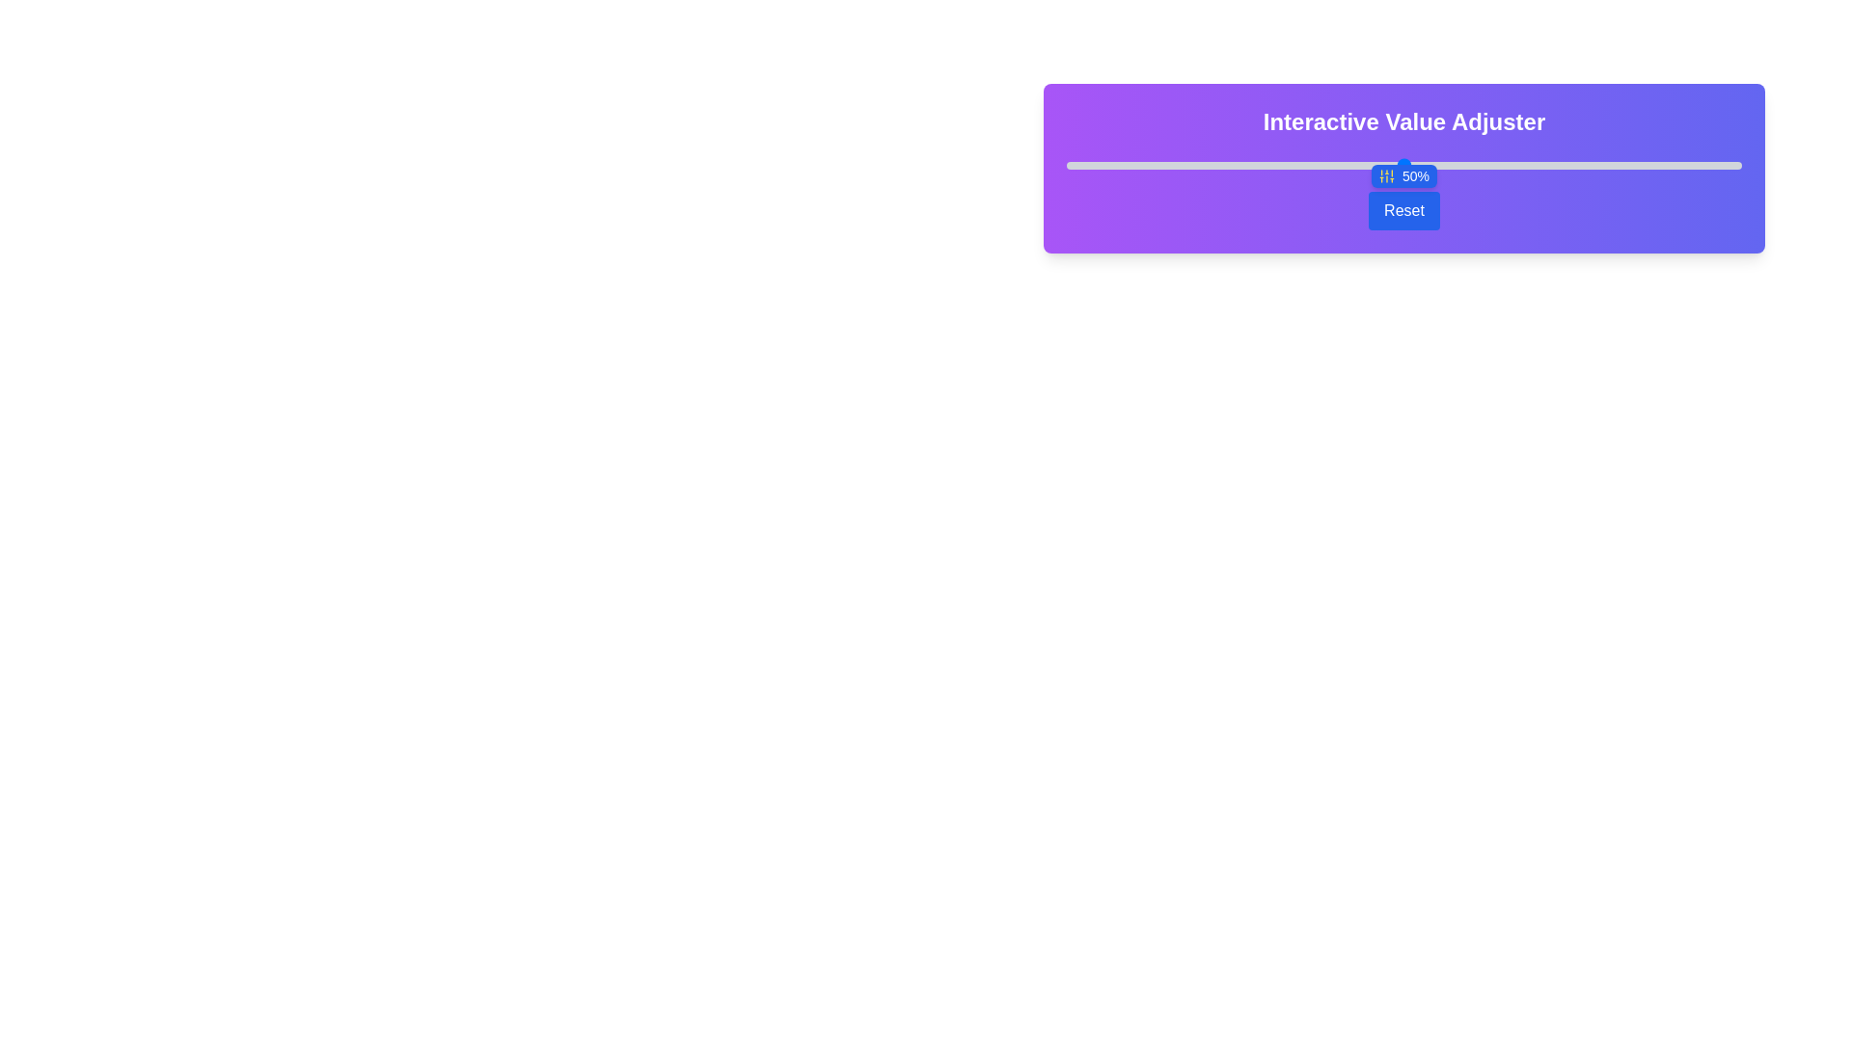  Describe the element at coordinates (1416, 175) in the screenshot. I see `the text label displaying '50%' in white text on a blue background, which is centered above a horizontal slider` at that location.